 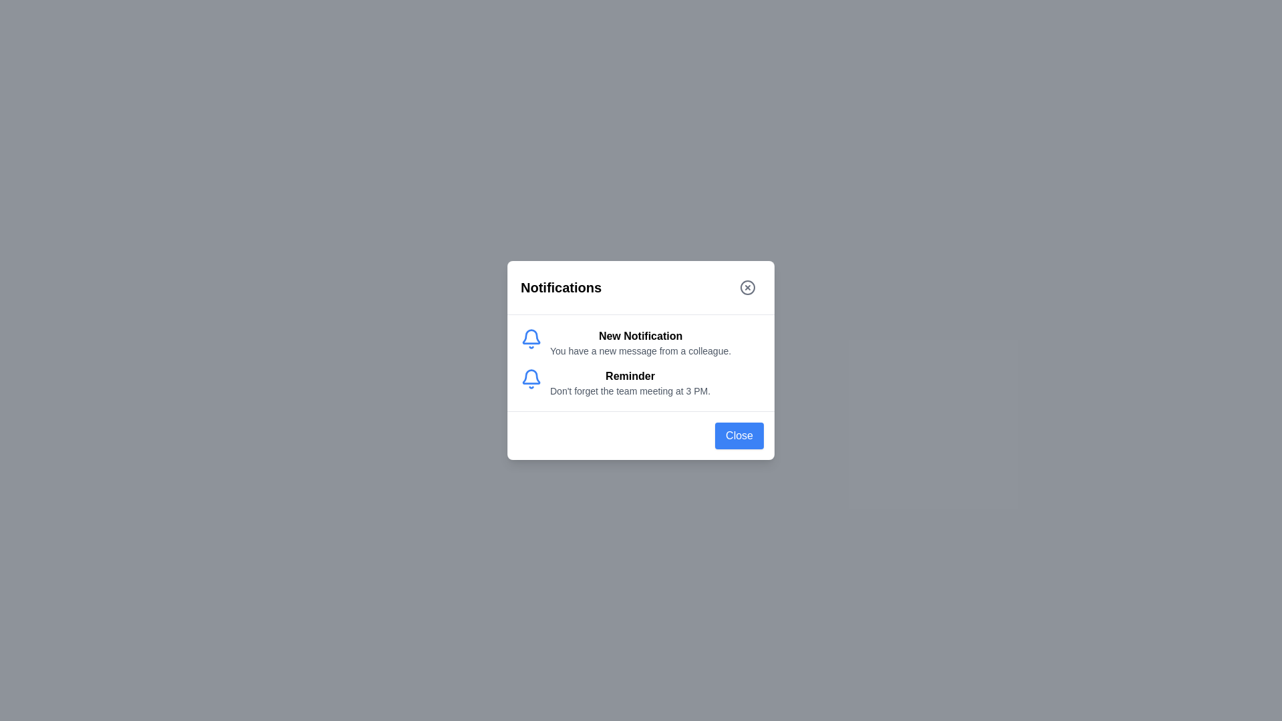 I want to click on the Text block element displaying the title 'Reminder' and the descriptive text 'Don't forget the team meeting at 3 PM.', so click(x=630, y=383).